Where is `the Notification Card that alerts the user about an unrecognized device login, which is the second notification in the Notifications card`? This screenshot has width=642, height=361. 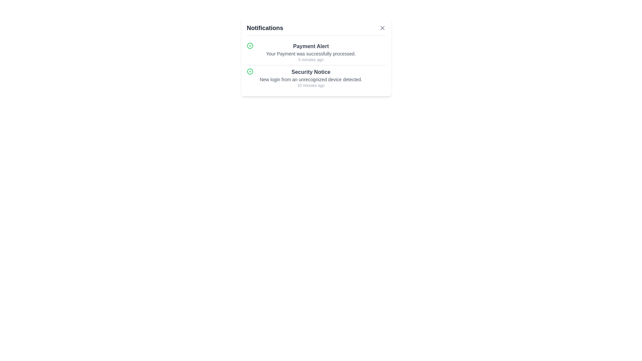 the Notification Card that alerts the user about an unrecognized device login, which is the second notification in the Notifications card is located at coordinates (311, 78).